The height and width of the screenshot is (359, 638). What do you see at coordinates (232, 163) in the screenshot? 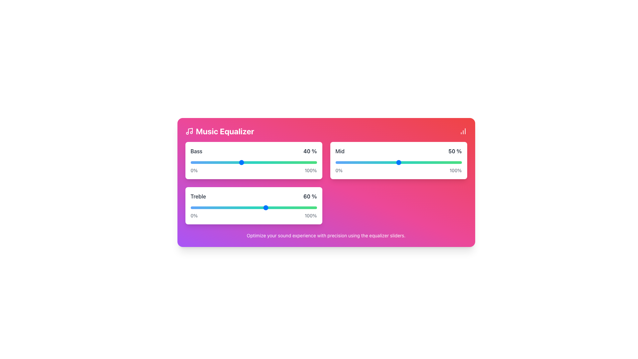
I see `the bass equalizer` at bounding box center [232, 163].